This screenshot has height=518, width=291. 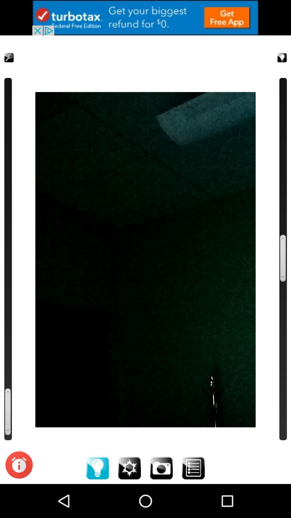 I want to click on the list icon, so click(x=193, y=500).